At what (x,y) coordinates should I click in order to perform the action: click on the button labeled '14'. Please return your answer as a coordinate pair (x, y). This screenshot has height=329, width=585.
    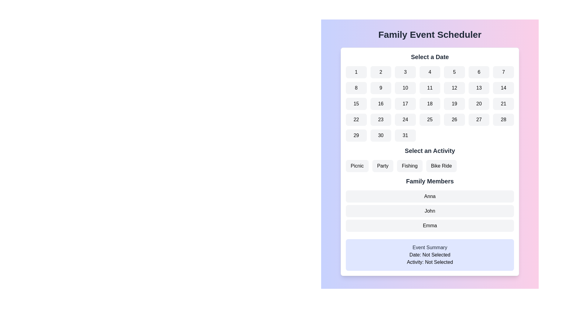
    Looking at the image, I should click on (503, 88).